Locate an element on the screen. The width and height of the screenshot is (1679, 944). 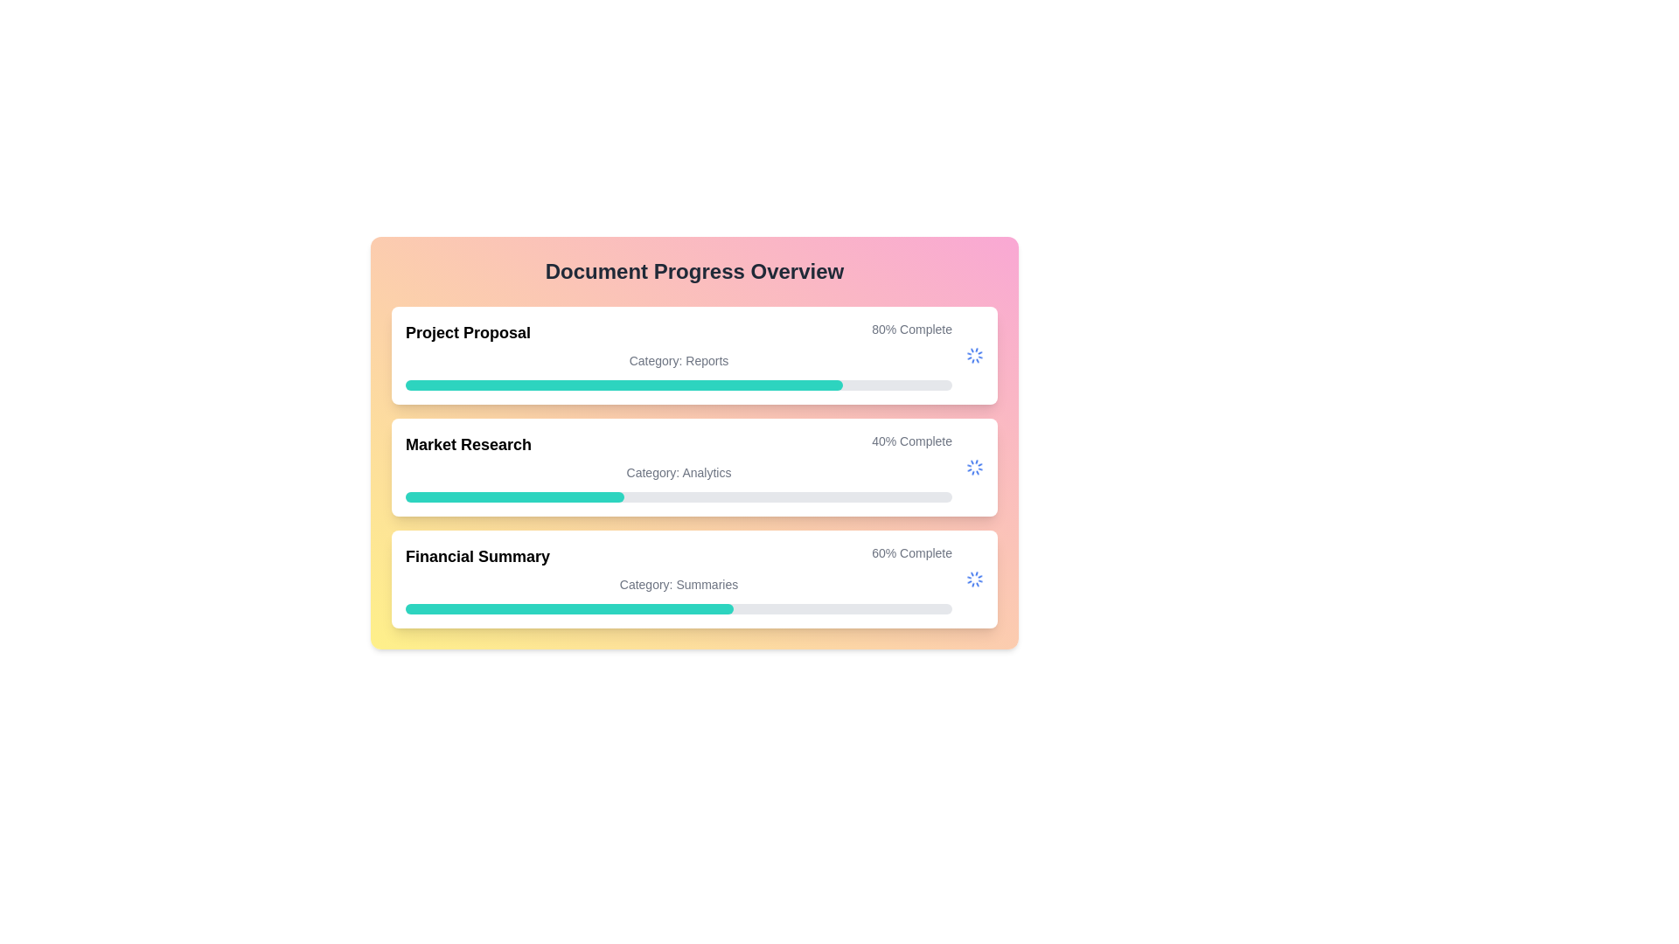
the static text label that indicates the percentage completion of the 'Financial Summary' task, located within the 'Document Progress Overview' section is located at coordinates (911, 556).